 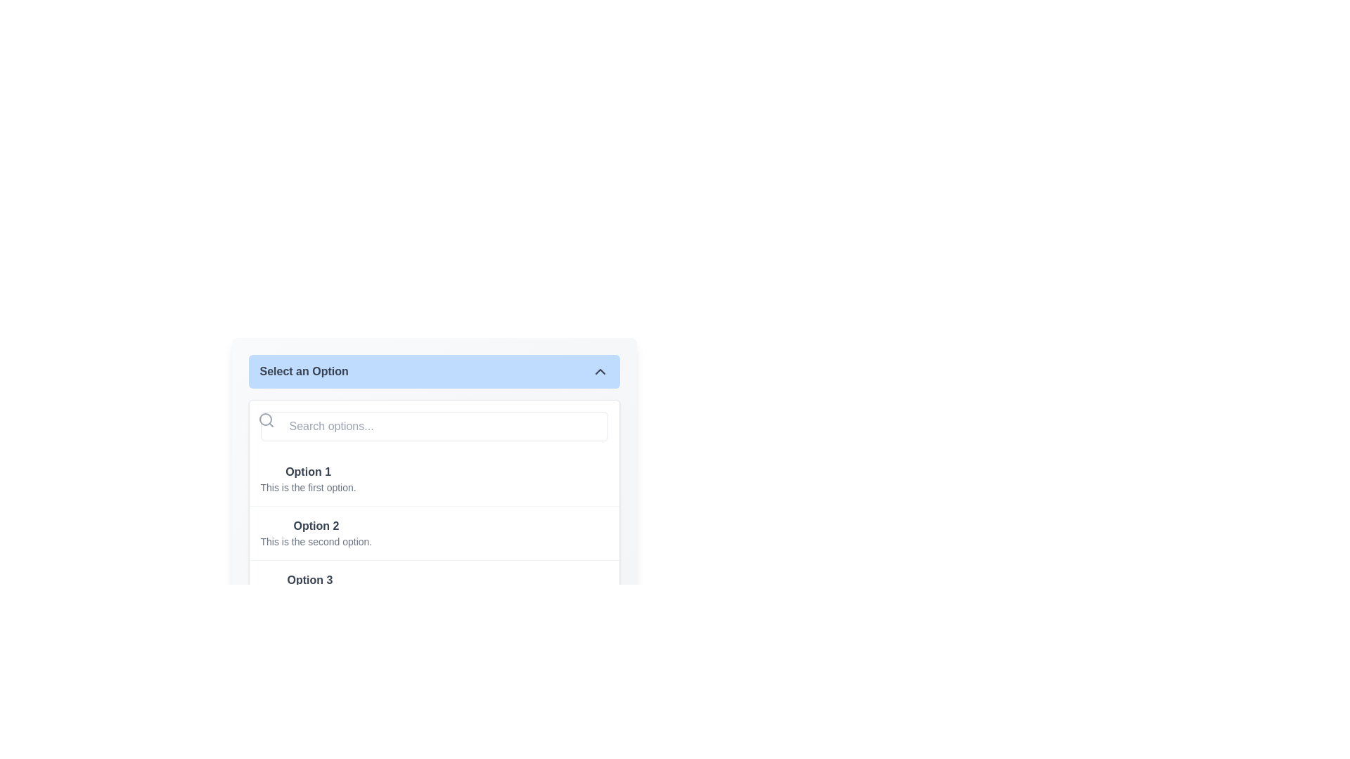 I want to click on the text label reading 'This is the first option.' which is styled in a smaller gray font and positioned below the bold label 'Option 1' in the dropdown list, so click(x=307, y=487).